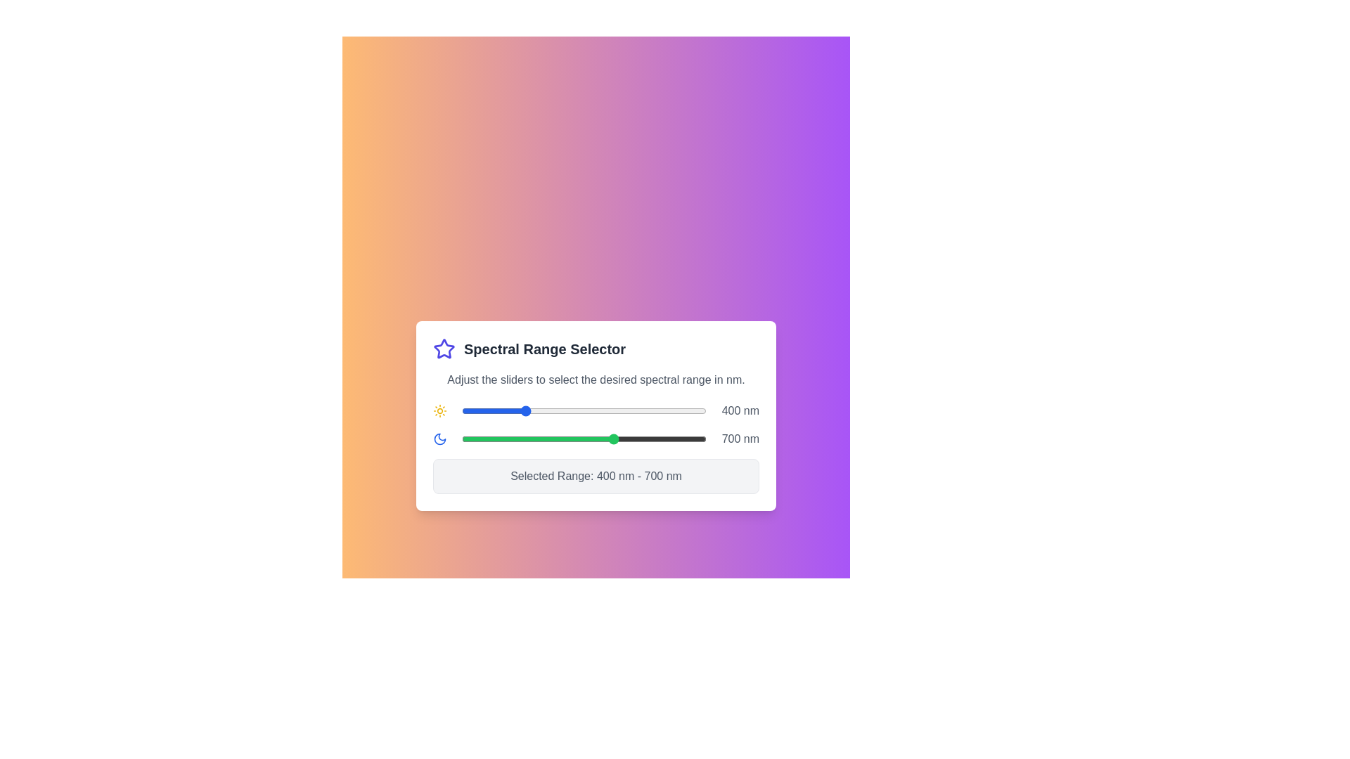  Describe the element at coordinates (619, 438) in the screenshot. I see `the end slider to set the upper limit of the spectral range to 717 nm` at that location.